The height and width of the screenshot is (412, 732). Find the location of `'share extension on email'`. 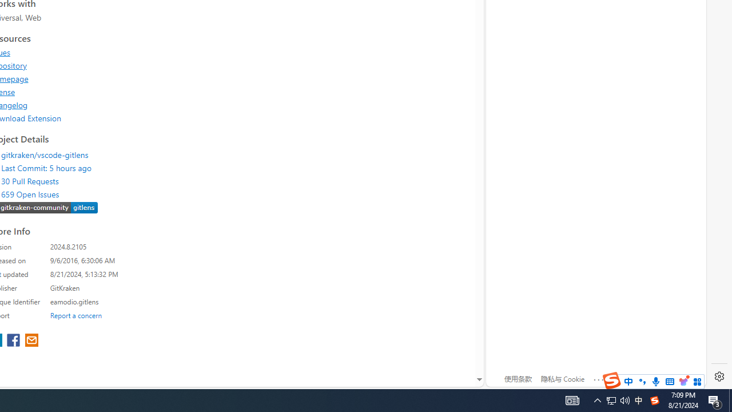

'share extension on email' is located at coordinates (31, 340).